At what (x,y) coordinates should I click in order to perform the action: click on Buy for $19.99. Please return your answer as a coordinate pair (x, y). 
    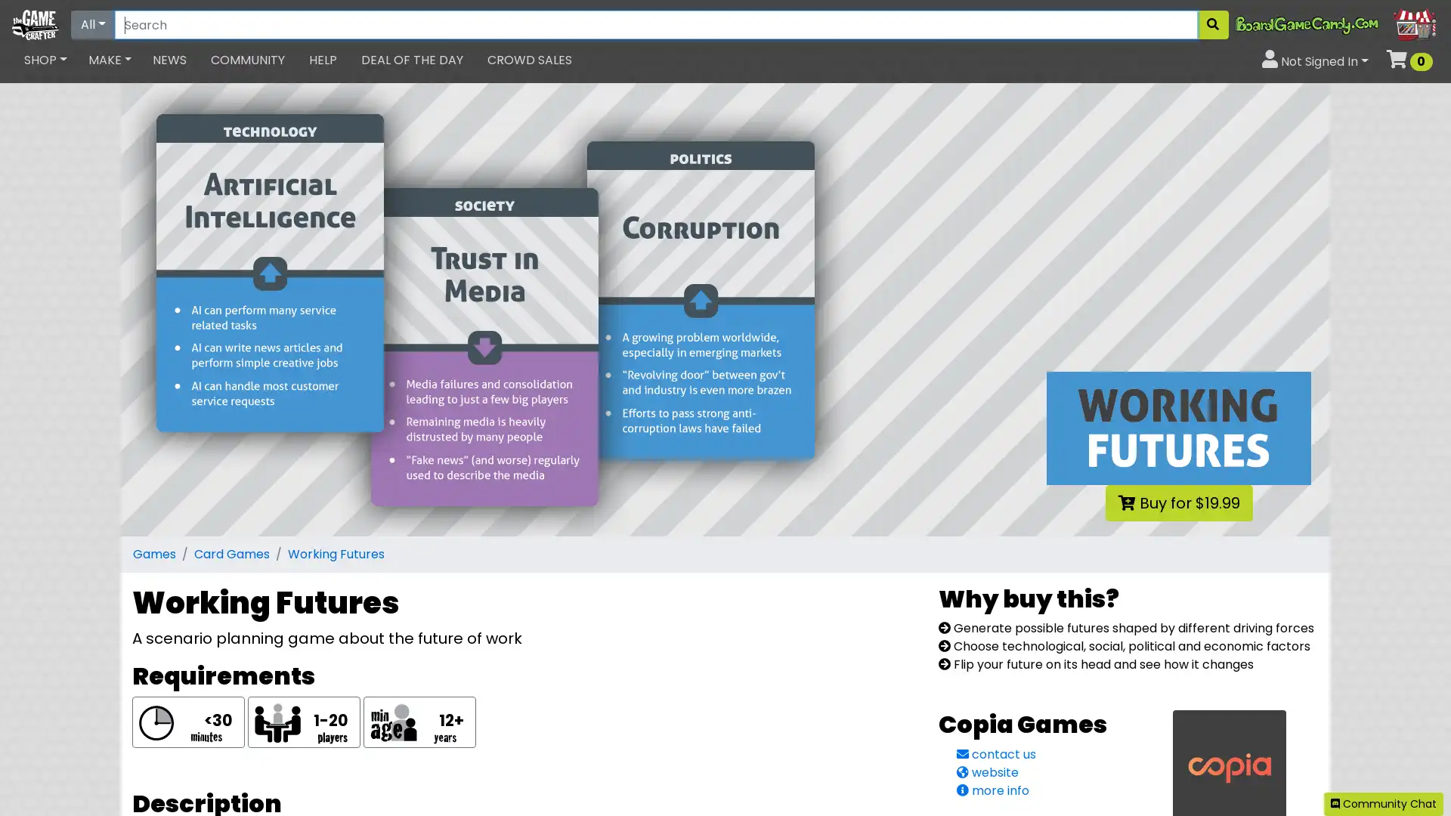
    Looking at the image, I should click on (1177, 503).